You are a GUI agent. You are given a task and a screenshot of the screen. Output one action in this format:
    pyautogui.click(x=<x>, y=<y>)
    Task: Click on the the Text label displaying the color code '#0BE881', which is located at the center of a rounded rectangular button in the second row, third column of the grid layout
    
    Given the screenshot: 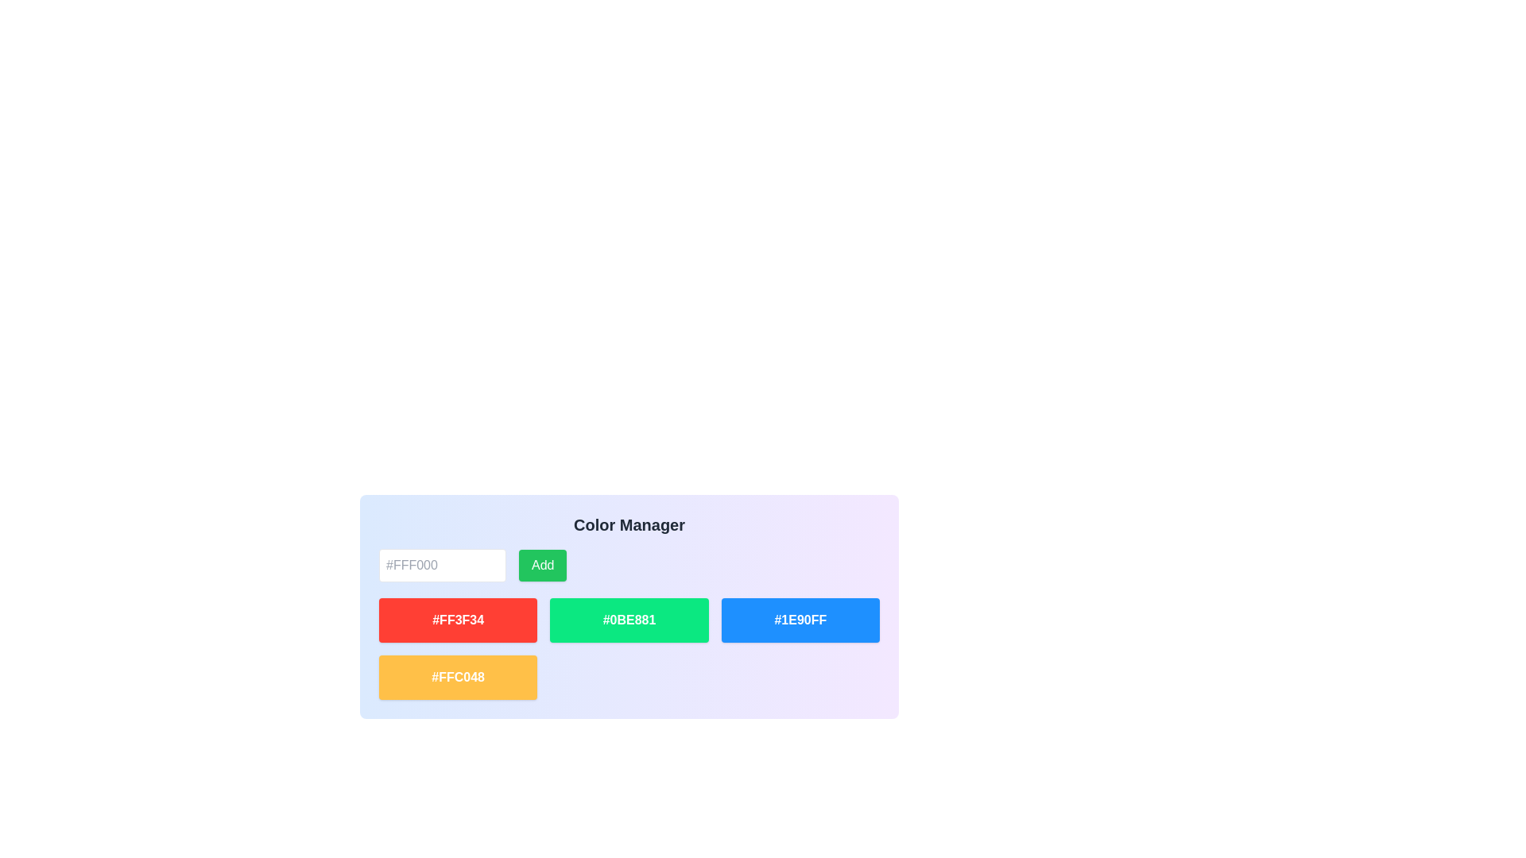 What is the action you would take?
    pyautogui.click(x=629, y=619)
    